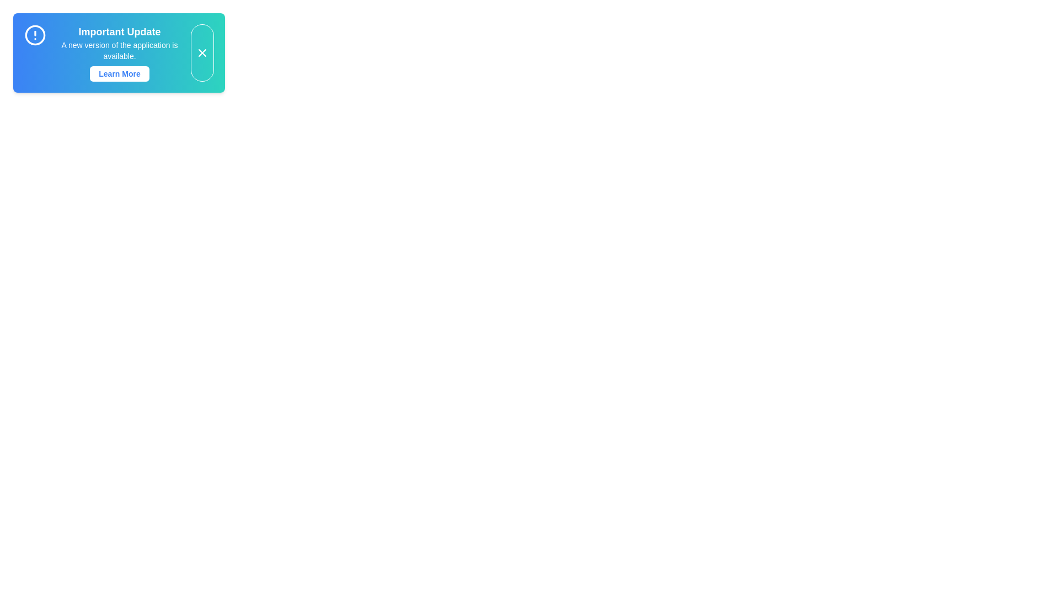 The height and width of the screenshot is (596, 1059). I want to click on the close button to dismiss the snackbar, so click(202, 53).